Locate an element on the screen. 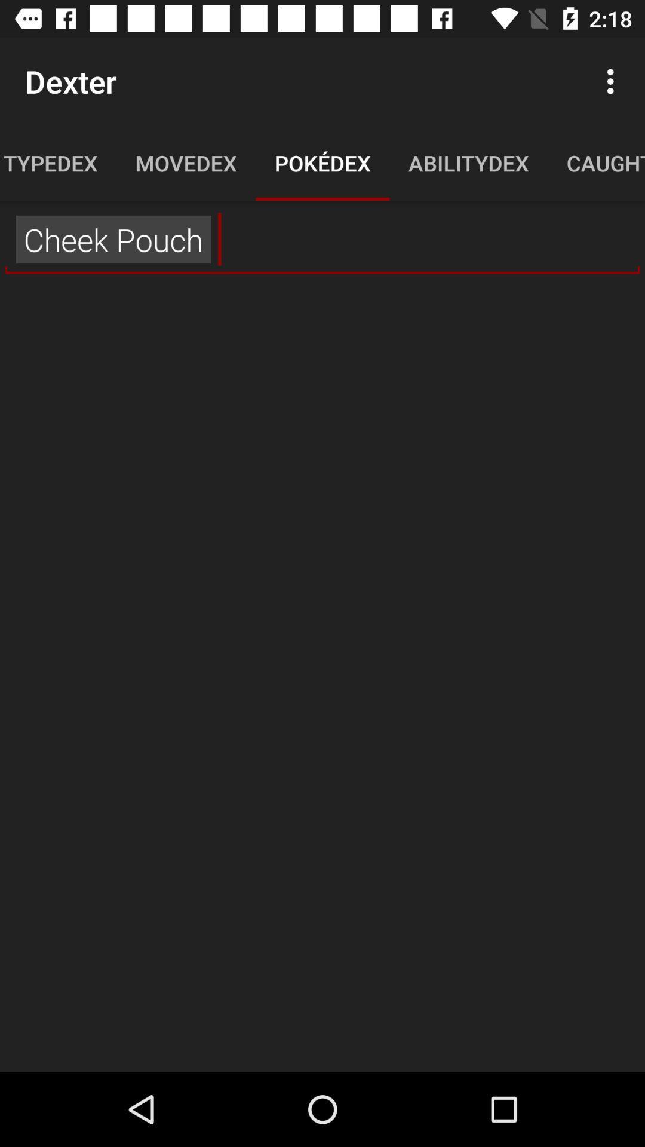 The image size is (645, 1147). item below typedex icon is located at coordinates (322, 239).